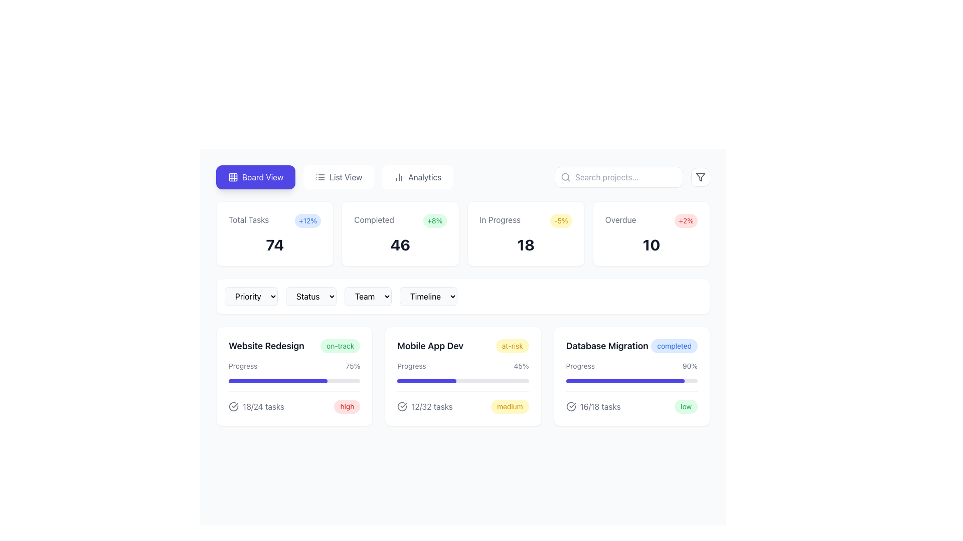  What do you see at coordinates (294, 381) in the screenshot?
I see `the progress bar indicating 75% completion for the 'Website Redesign' project, located within its card on the dashboard` at bounding box center [294, 381].